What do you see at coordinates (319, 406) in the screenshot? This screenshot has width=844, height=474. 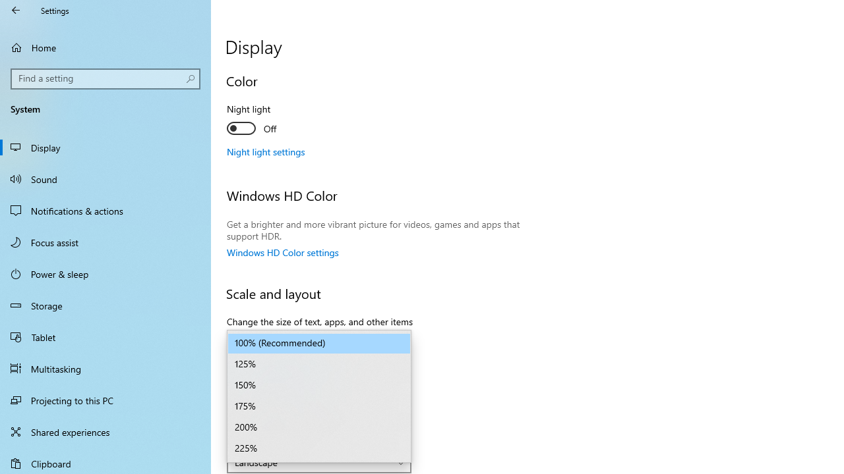 I see `'175%'` at bounding box center [319, 406].